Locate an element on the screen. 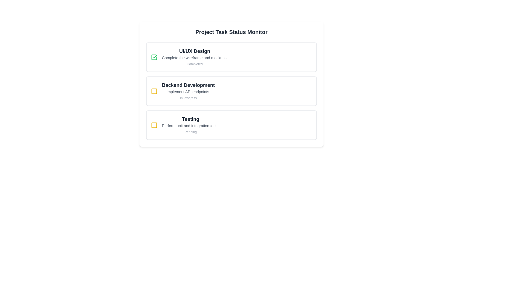 The height and width of the screenshot is (296, 526). the top-left icon in the 'Testing' task block that represents the pending status of the 'Testing' task is located at coordinates (156, 125).